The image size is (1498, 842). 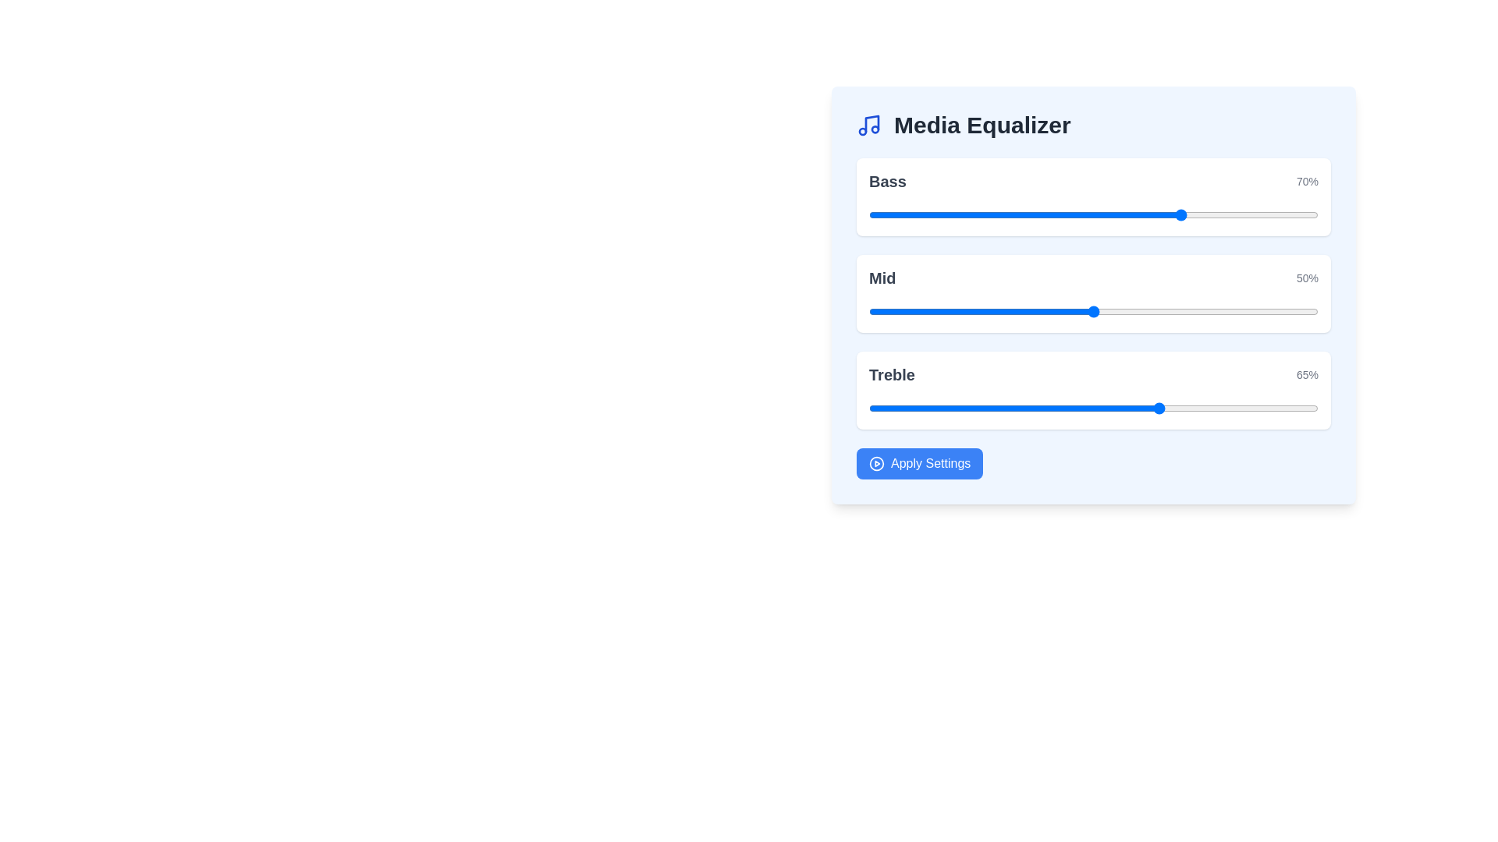 I want to click on treble, so click(x=1291, y=408).